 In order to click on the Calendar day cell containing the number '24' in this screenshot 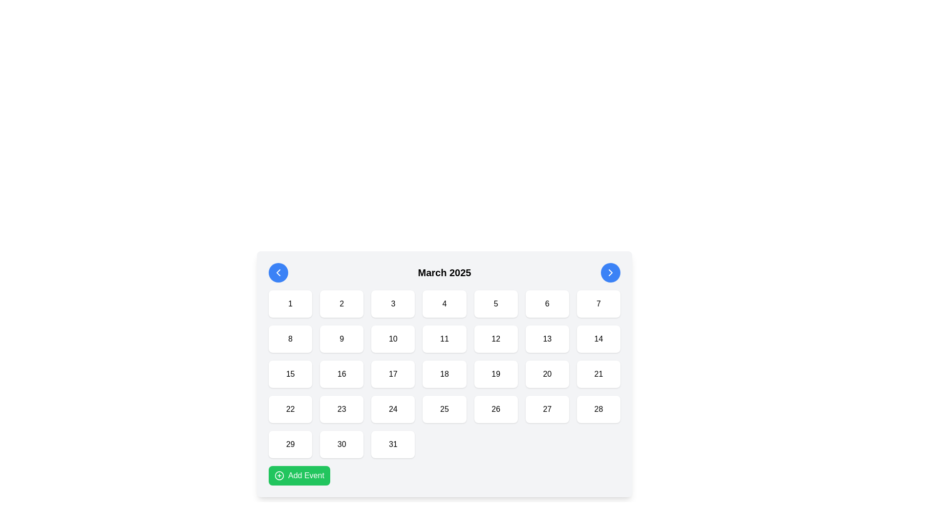, I will do `click(393, 409)`.